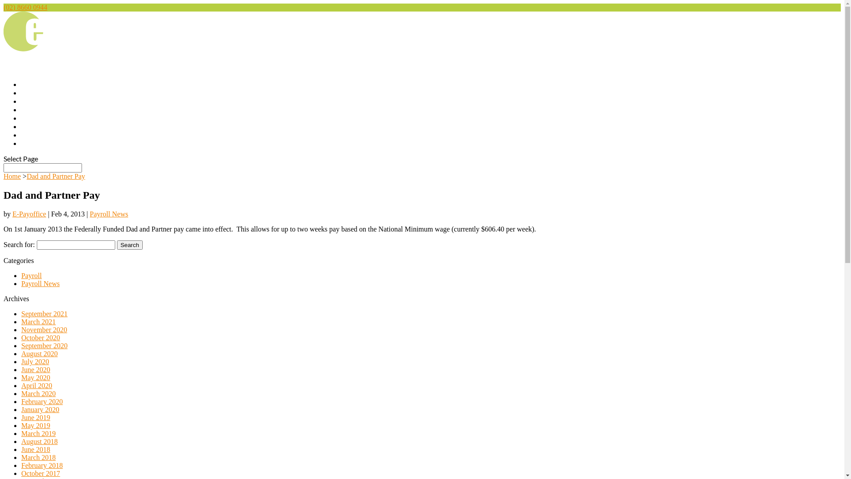  I want to click on 'June 2019', so click(35, 417).